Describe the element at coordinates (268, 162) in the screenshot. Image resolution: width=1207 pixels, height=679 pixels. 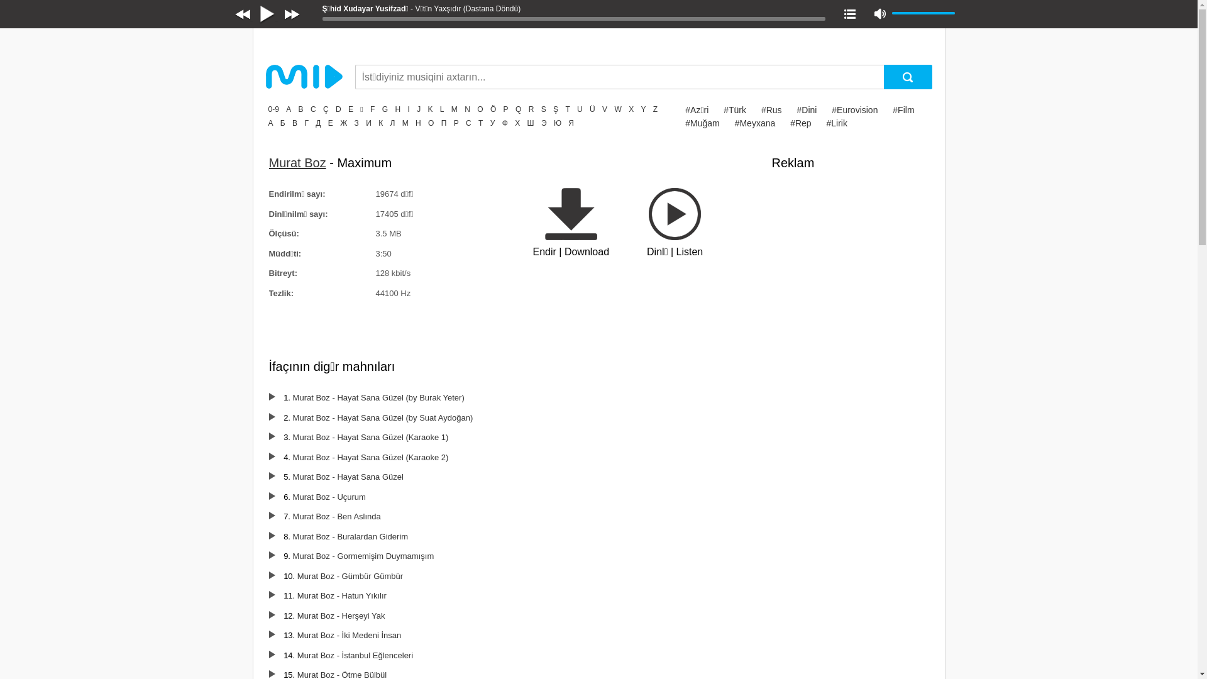
I see `'Murat Boz'` at that location.